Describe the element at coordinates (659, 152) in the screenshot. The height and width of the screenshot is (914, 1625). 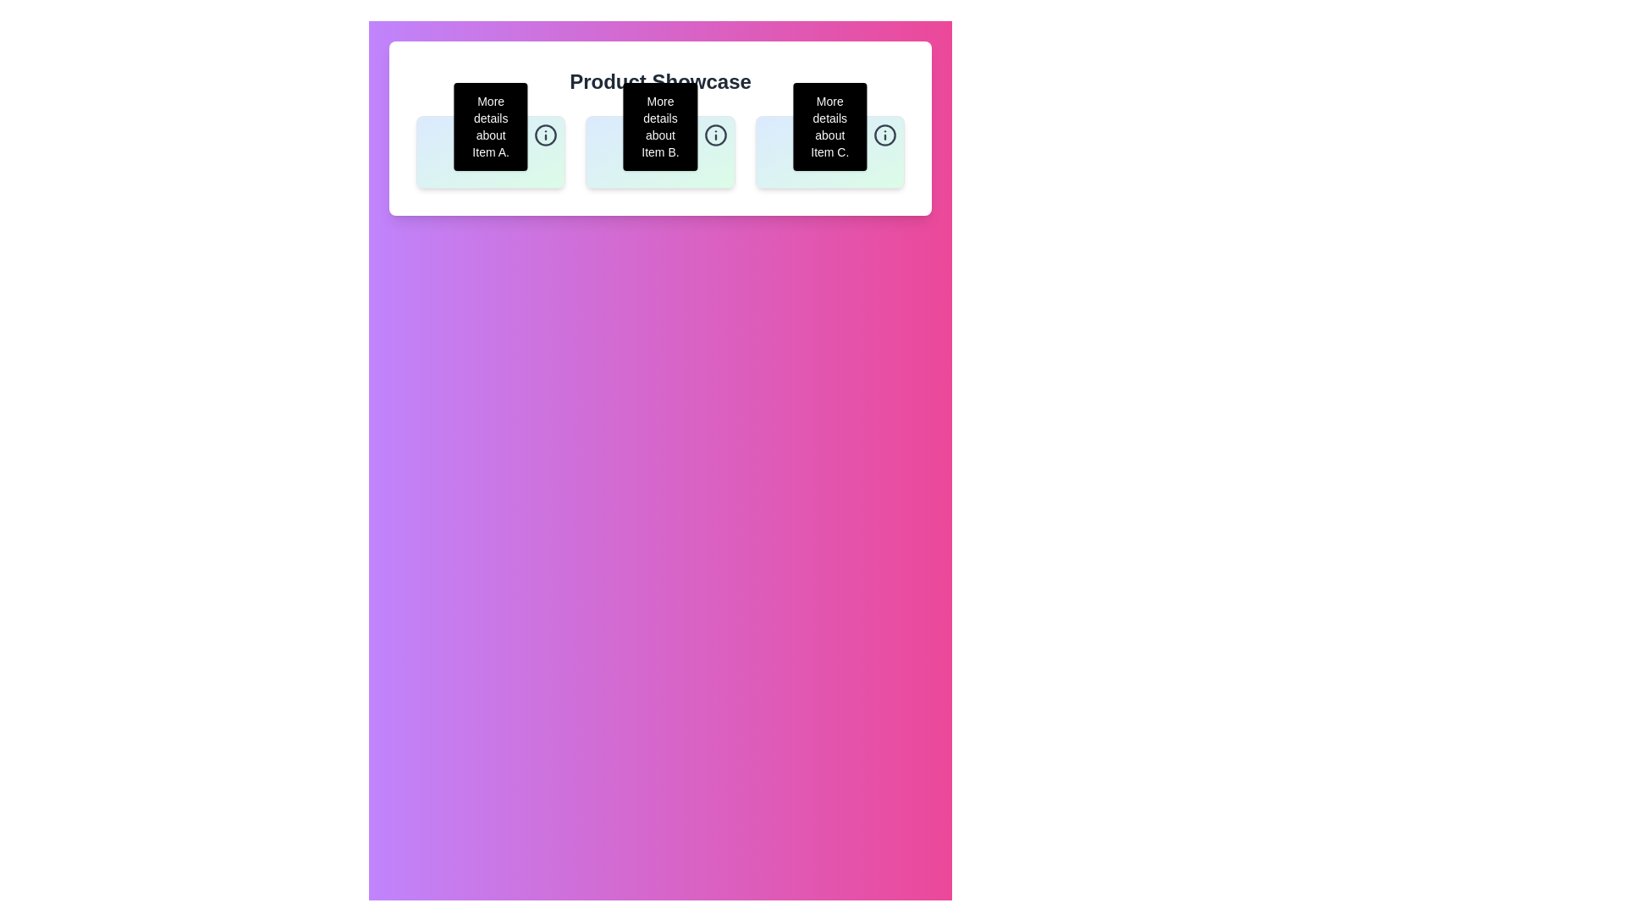
I see `the display card showcasing information related to 'Item B', which is the second card in a row of three cards within a grid layout` at that location.